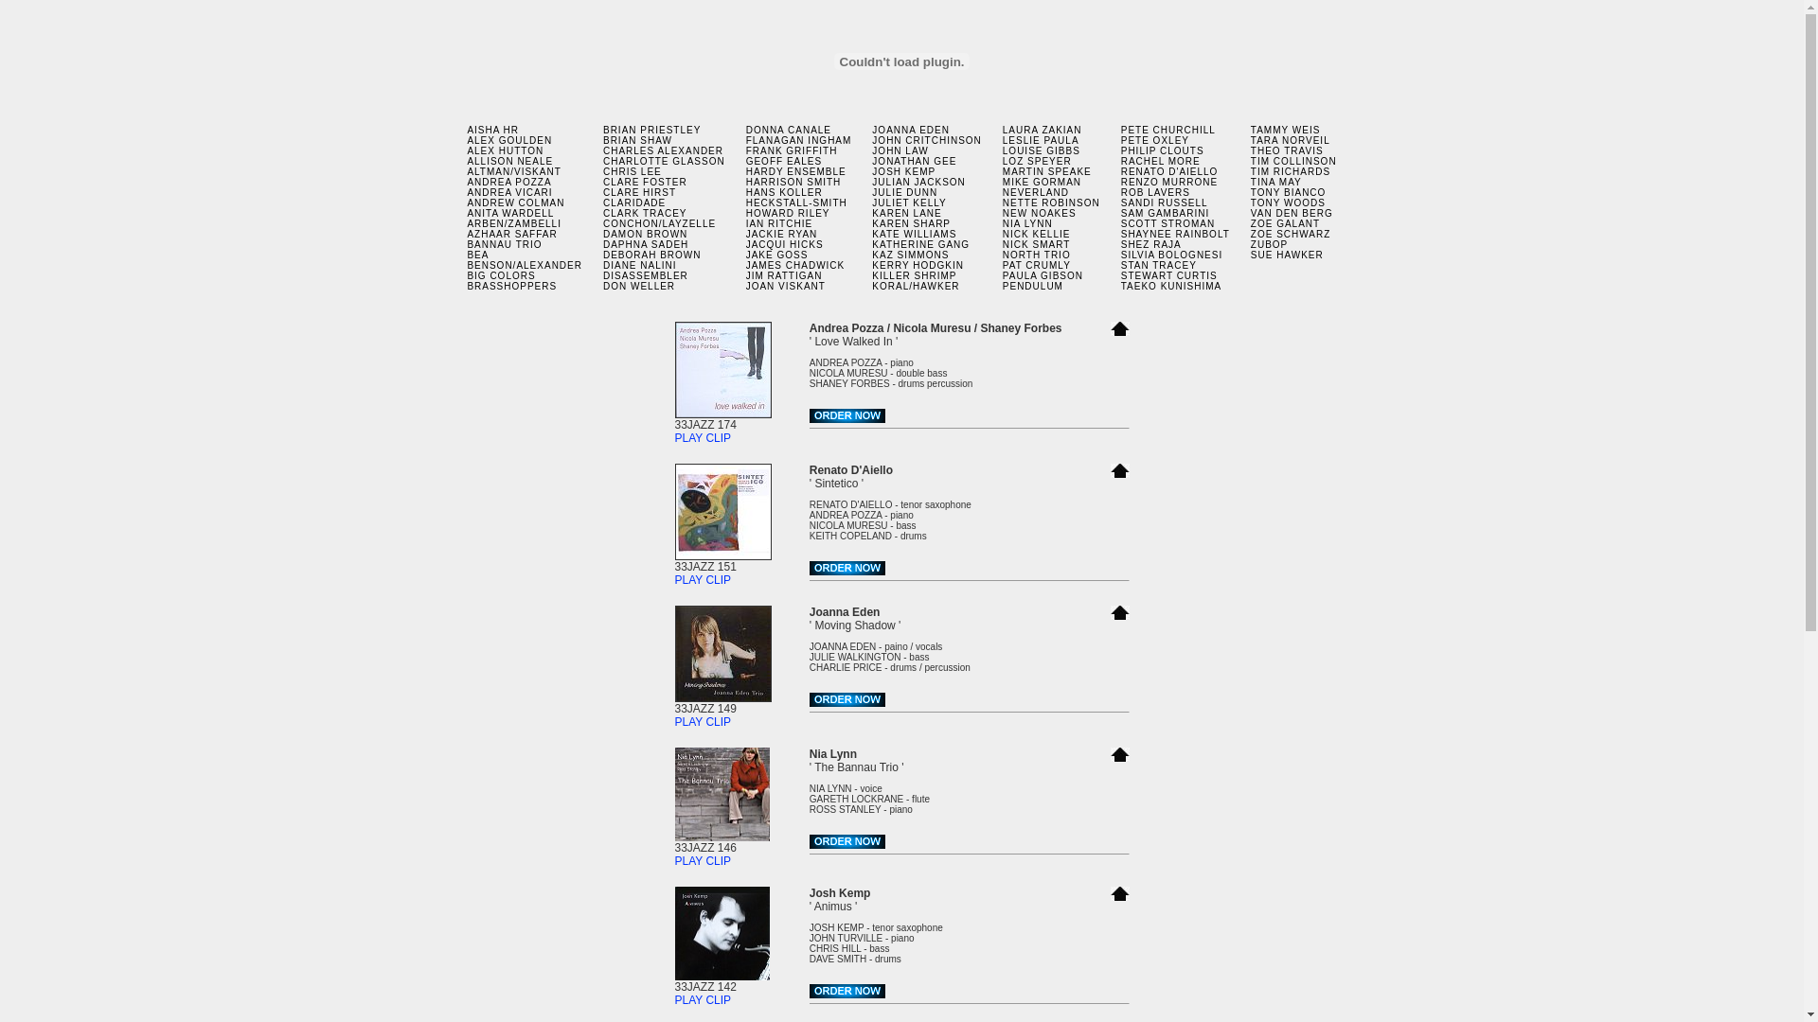  Describe the element at coordinates (1035, 243) in the screenshot. I see `'NICK SMART'` at that location.